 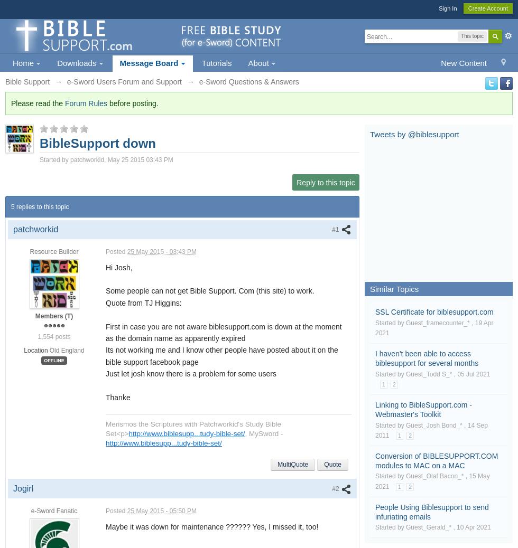 What do you see at coordinates (119, 267) in the screenshot?
I see `'Hi Josh,'` at bounding box center [119, 267].